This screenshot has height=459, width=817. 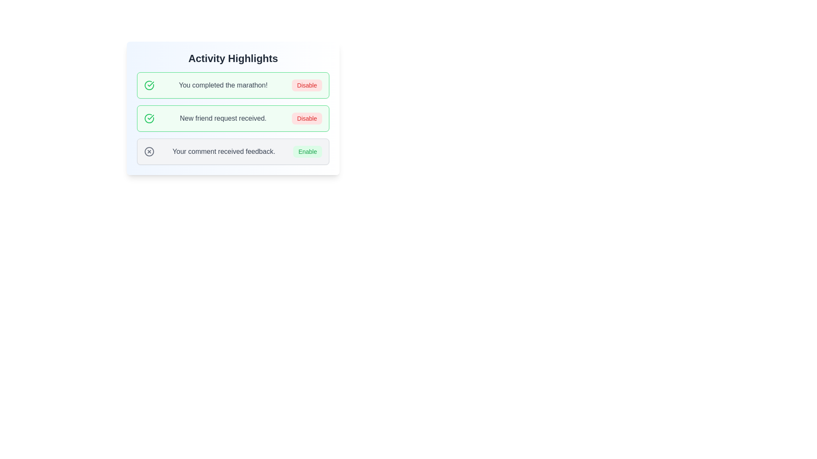 What do you see at coordinates (233, 118) in the screenshot?
I see `the notification box with a green border containing the text 'New friend request received.'` at bounding box center [233, 118].